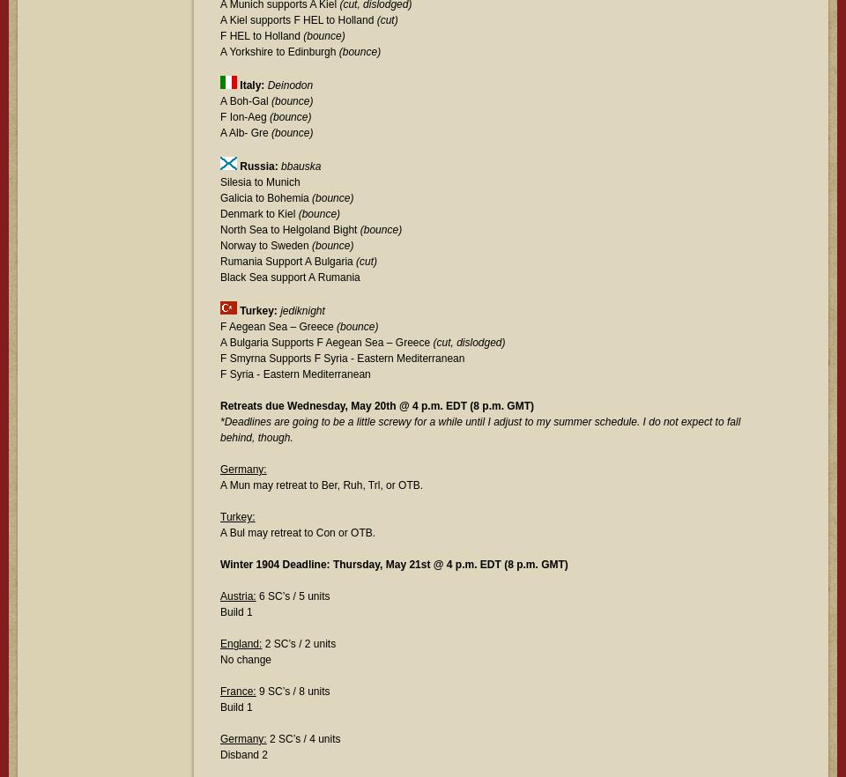 The image size is (846, 777). What do you see at coordinates (295, 374) in the screenshot?
I see `'F Syria - Eastern Mediterranean'` at bounding box center [295, 374].